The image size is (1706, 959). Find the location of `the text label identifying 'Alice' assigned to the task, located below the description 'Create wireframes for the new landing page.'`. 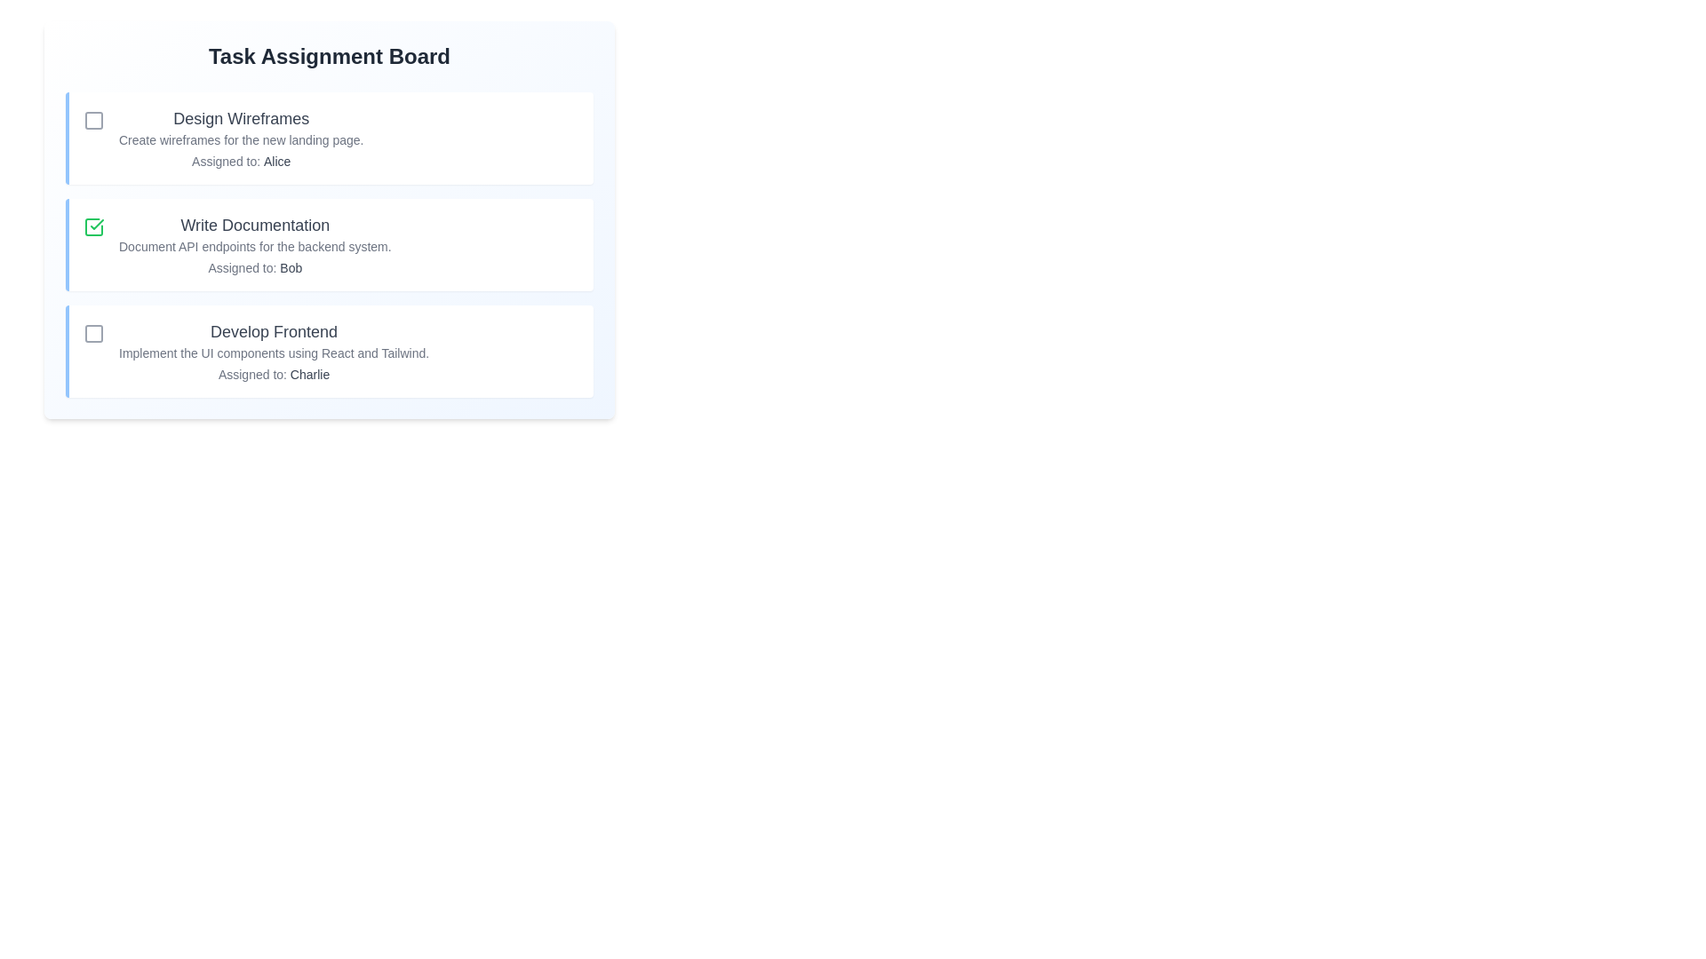

the text label identifying 'Alice' assigned to the task, located below the description 'Create wireframes for the new landing page.' is located at coordinates (240, 161).